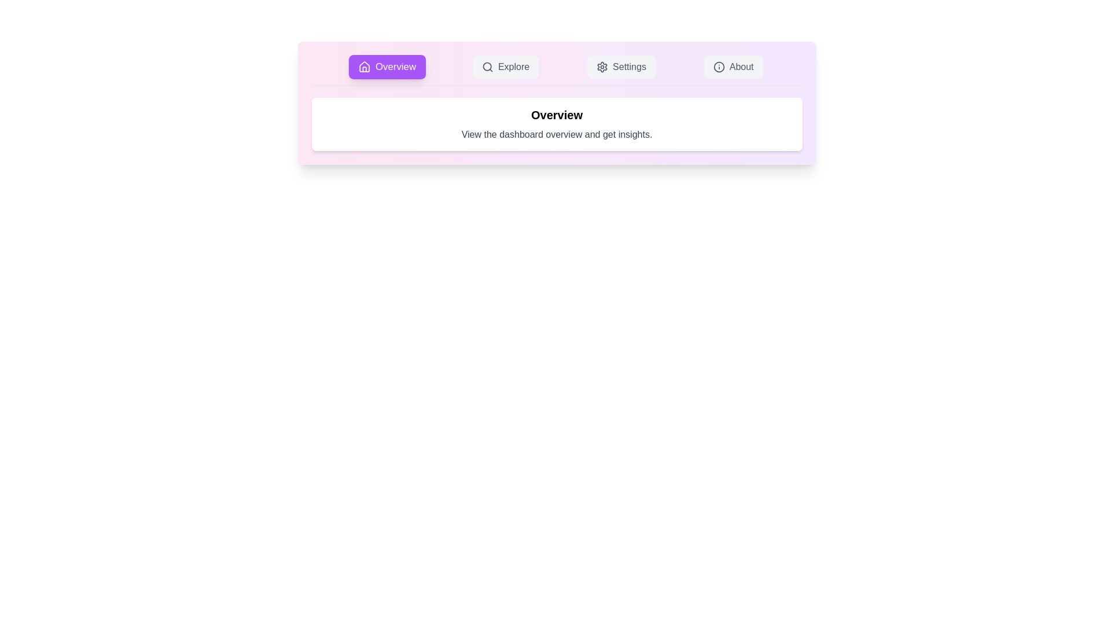 The image size is (1111, 625). I want to click on the Settings tab to view its content, so click(621, 67).